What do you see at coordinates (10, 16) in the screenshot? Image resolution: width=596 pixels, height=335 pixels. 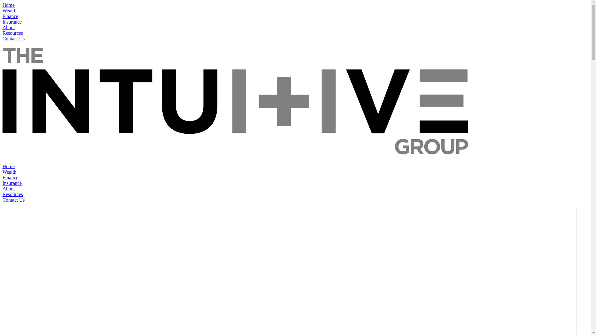 I see `'Finance'` at bounding box center [10, 16].